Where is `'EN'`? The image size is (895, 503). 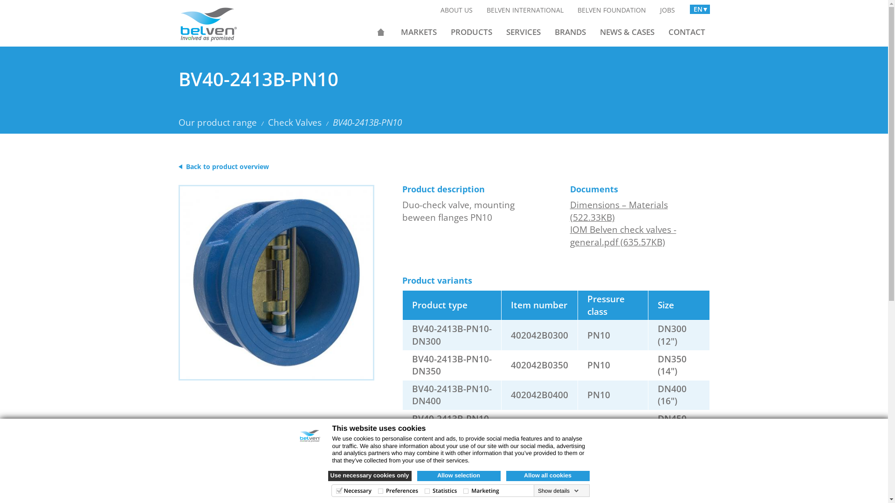
'EN' is located at coordinates (700, 9).